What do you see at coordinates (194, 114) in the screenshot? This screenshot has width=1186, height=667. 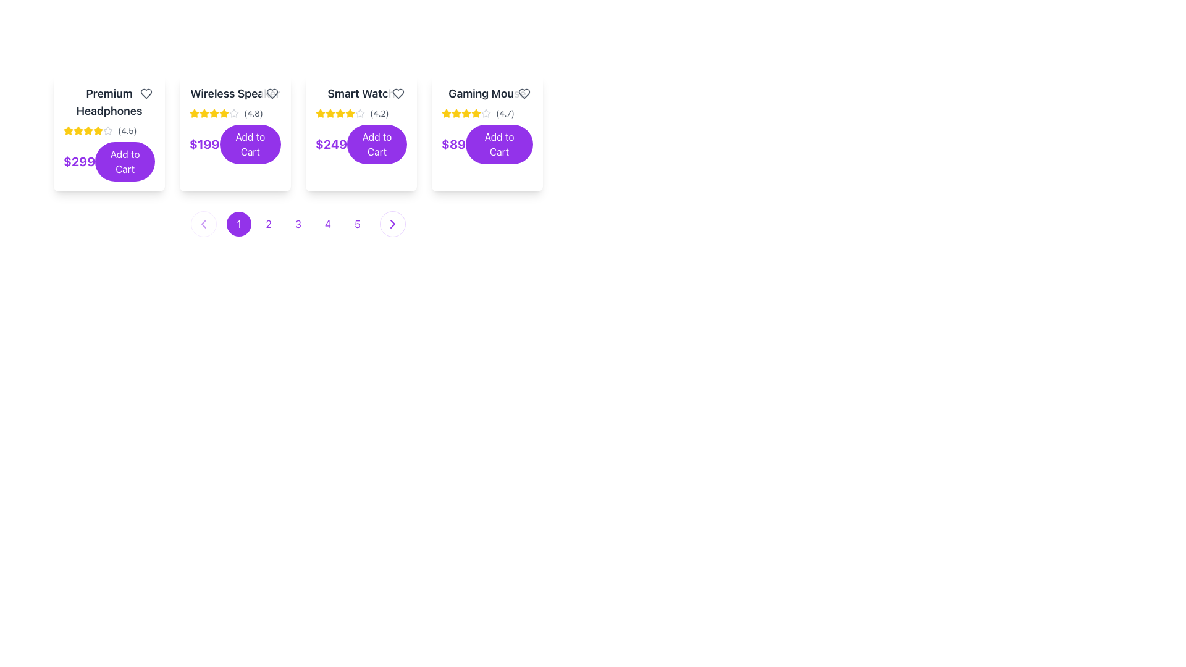 I see `the leftmost star icon representing the rating for the product in the 'Wireless Speaker' card` at bounding box center [194, 114].